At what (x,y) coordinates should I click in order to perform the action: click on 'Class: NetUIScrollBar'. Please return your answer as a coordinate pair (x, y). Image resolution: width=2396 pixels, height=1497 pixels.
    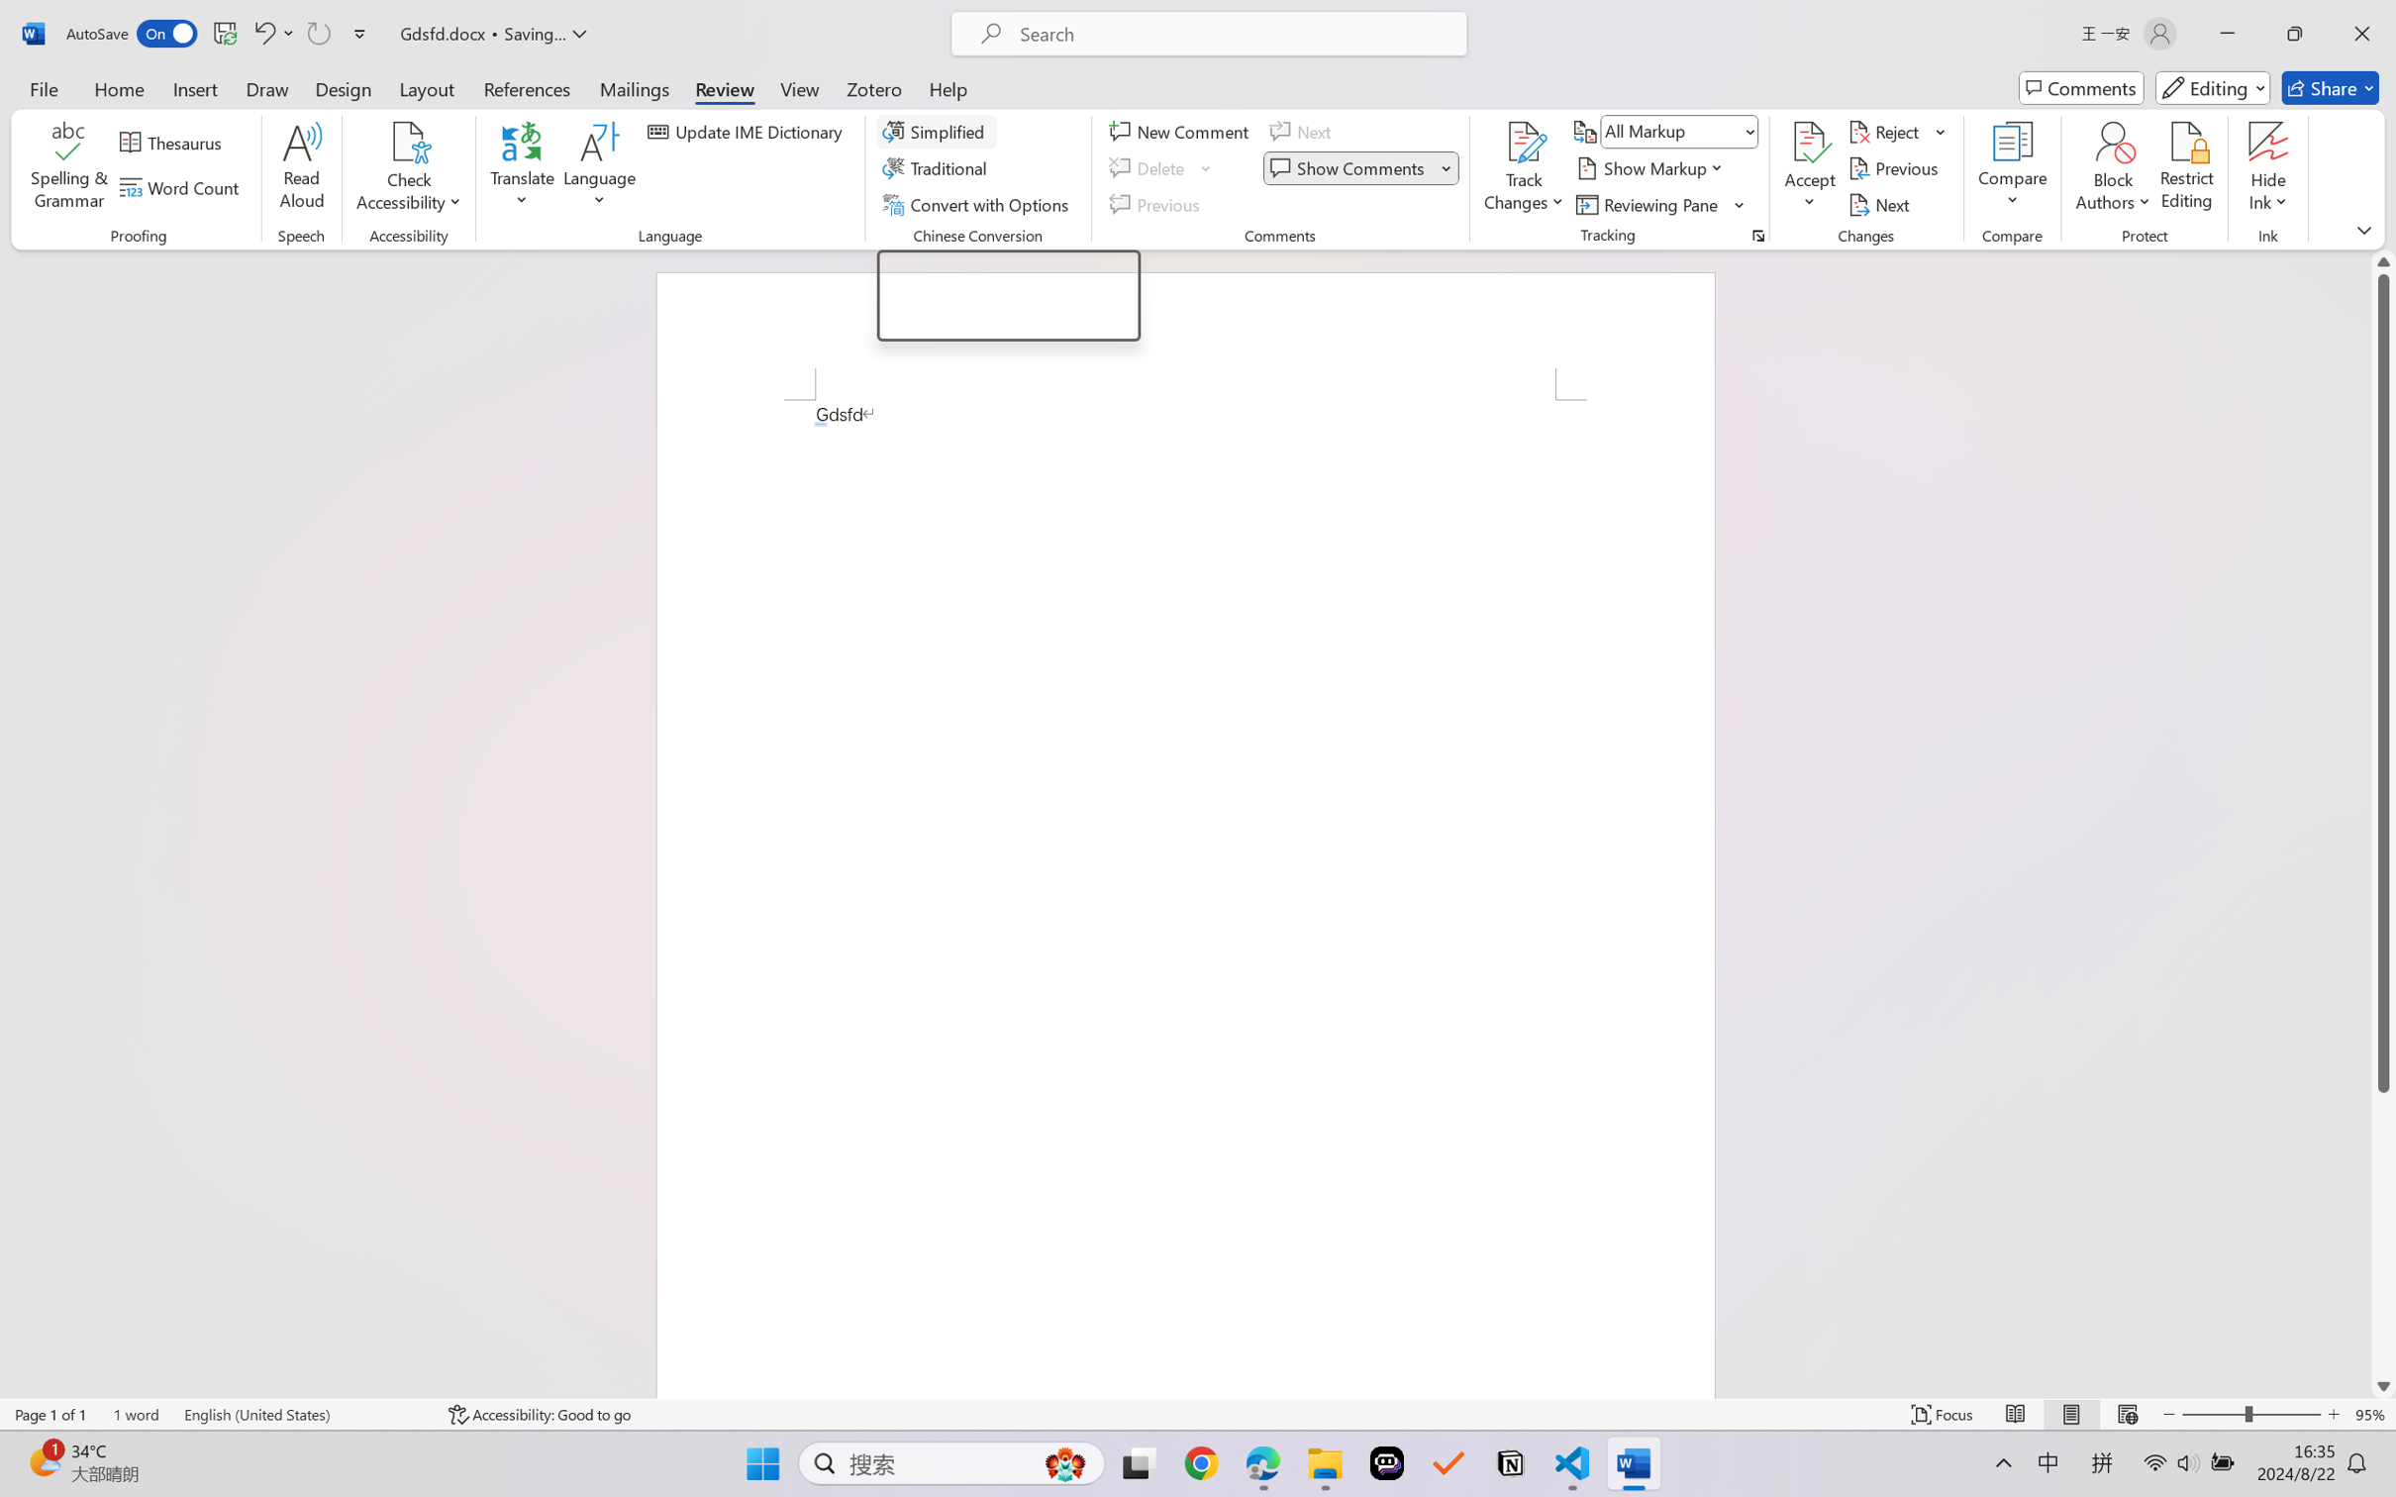
    Looking at the image, I should click on (2383, 823).